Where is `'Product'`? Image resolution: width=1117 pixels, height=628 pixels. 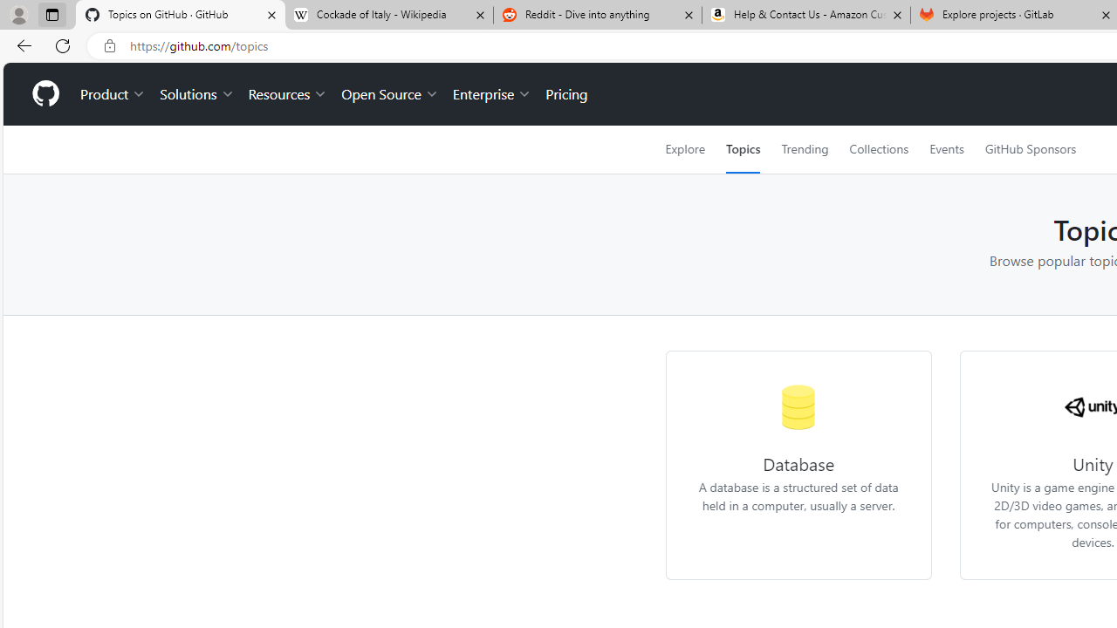 'Product' is located at coordinates (113, 94).